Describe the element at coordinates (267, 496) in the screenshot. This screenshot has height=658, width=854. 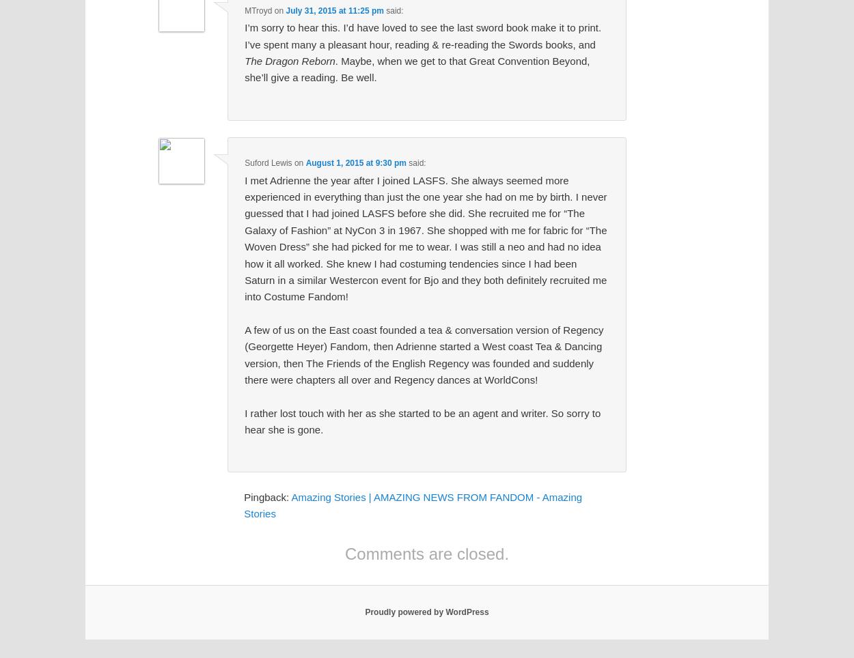
I see `'Pingback:'` at that location.